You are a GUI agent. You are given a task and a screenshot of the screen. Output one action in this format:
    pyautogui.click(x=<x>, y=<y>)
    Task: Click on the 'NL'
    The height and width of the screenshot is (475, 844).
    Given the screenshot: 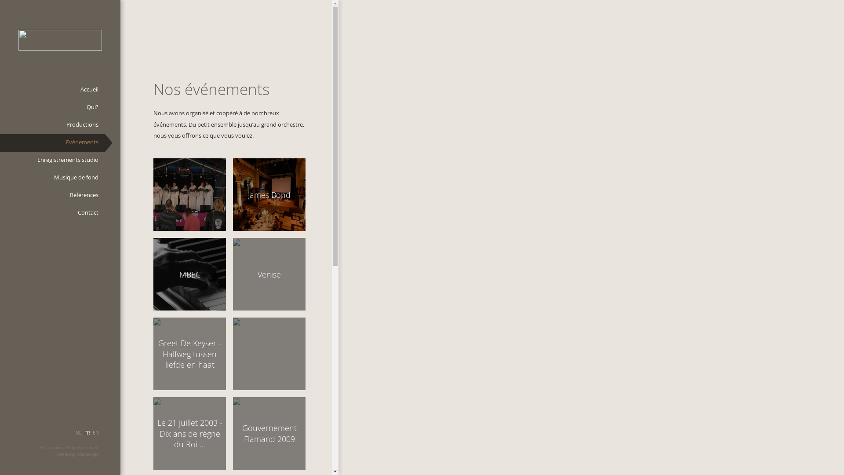 What is the action you would take?
    pyautogui.click(x=78, y=436)
    